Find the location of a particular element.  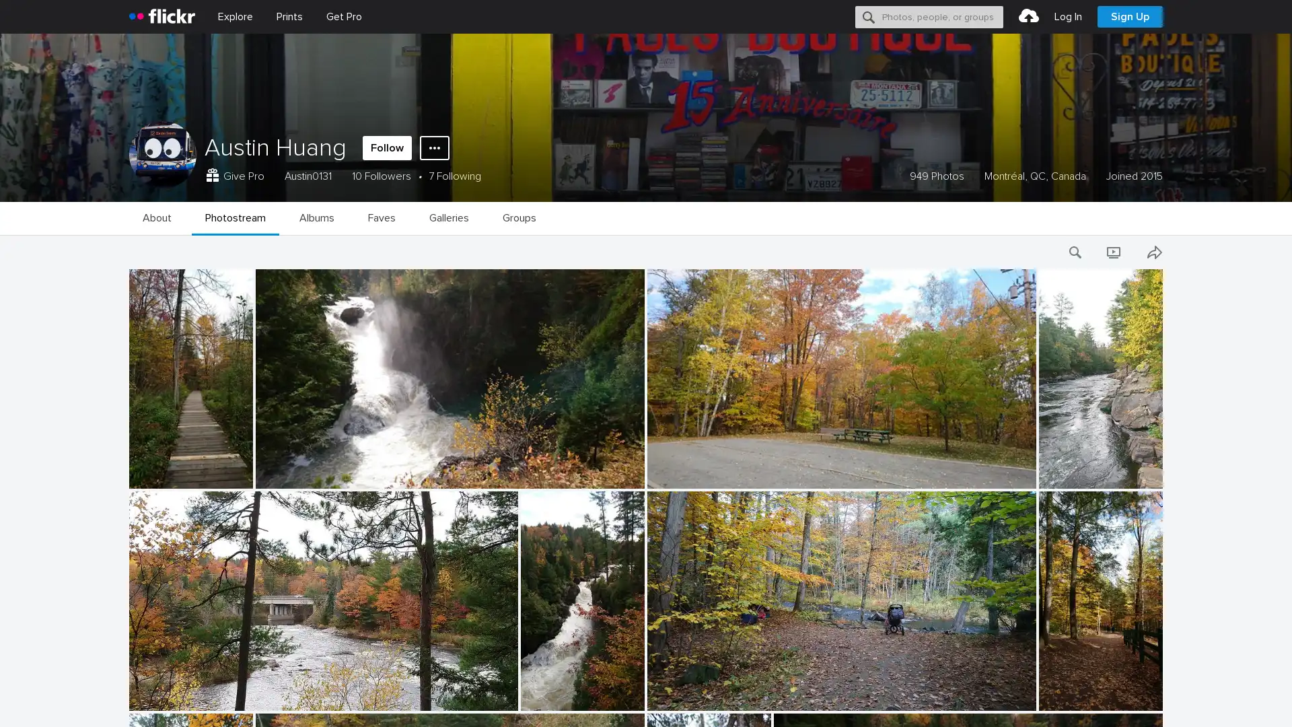

Add to Favorites is located at coordinates (129, 586).